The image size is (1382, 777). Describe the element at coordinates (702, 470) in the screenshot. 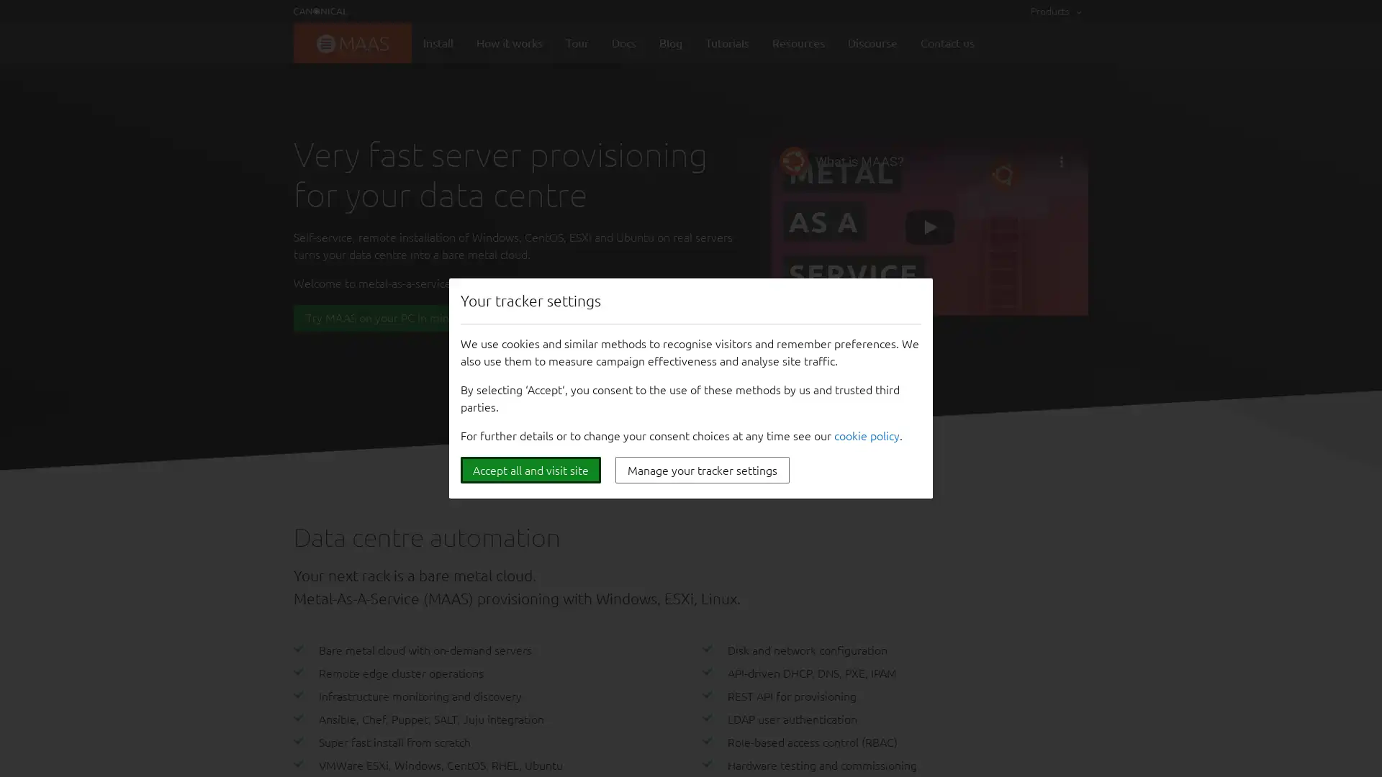

I see `Manage your tracker settings` at that location.